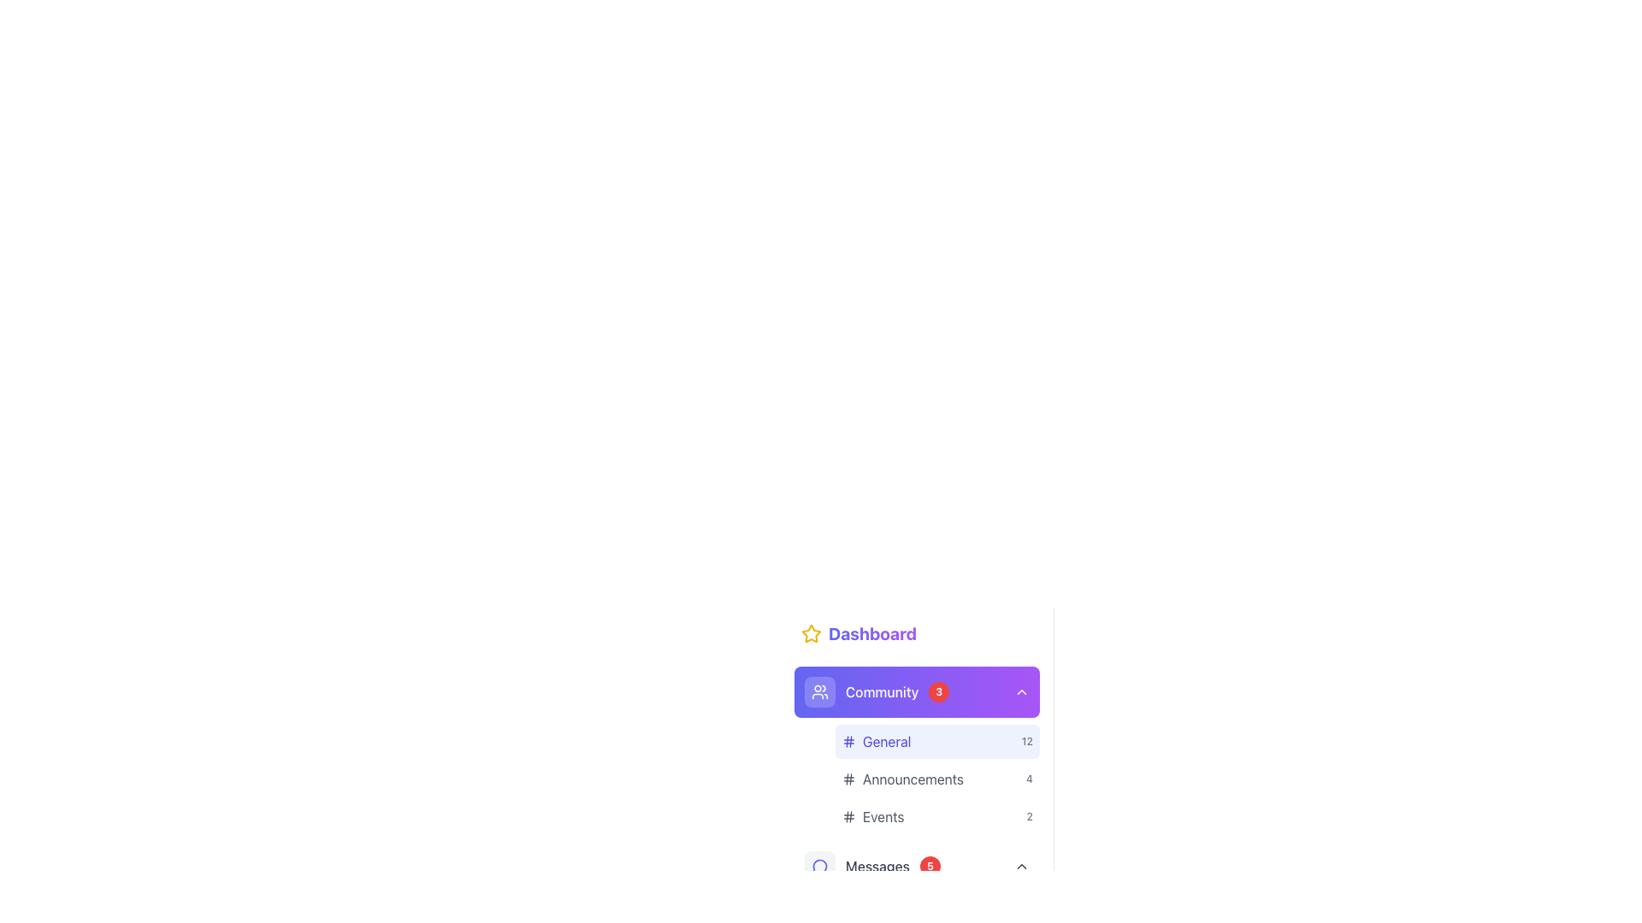  I want to click on the text label indicating auxiliary information or item count related to the 'General' category, positioned at the far right of the 'General' list item, so click(1026, 740).